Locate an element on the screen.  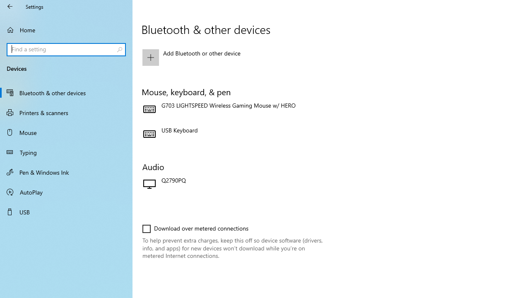
'Printers & scanners' is located at coordinates (66, 112).